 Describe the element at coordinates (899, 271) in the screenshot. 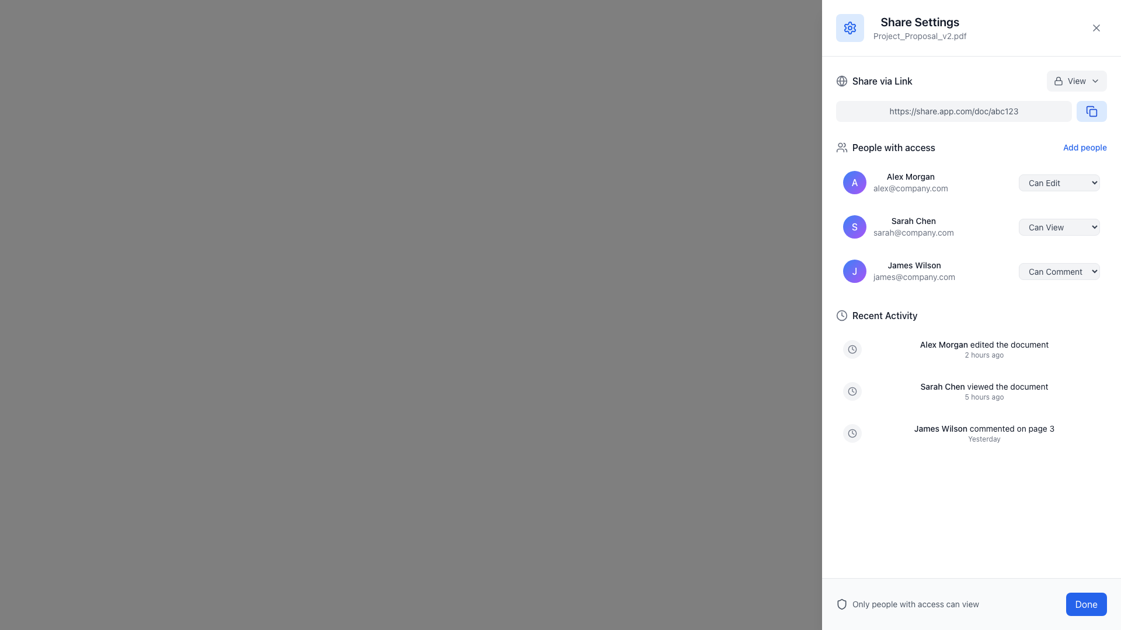

I see `the User information display row for 'James Wilson' which includes a circular profile avatar, and text displaying the name and email, positioned centrally in the right panel under 'People with access'` at that location.